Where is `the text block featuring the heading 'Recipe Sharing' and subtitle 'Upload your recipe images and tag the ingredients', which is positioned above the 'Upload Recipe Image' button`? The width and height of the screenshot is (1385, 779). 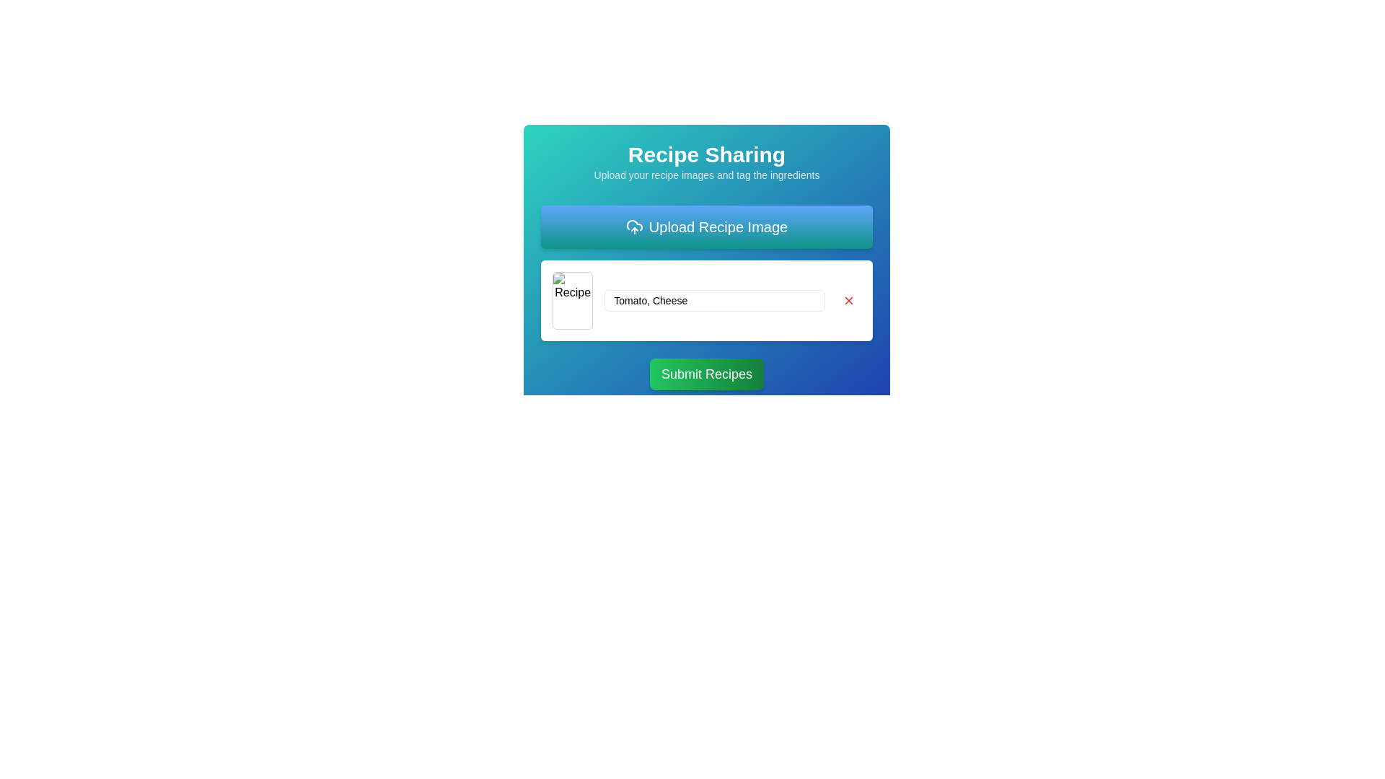 the text block featuring the heading 'Recipe Sharing' and subtitle 'Upload your recipe images and tag the ingredients', which is positioned above the 'Upload Recipe Image' button is located at coordinates (706, 162).